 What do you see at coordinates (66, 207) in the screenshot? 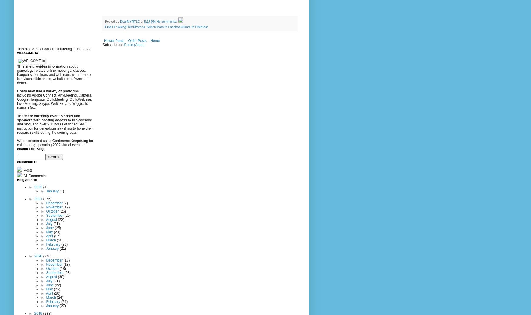
I see `'(19)'` at bounding box center [66, 207].